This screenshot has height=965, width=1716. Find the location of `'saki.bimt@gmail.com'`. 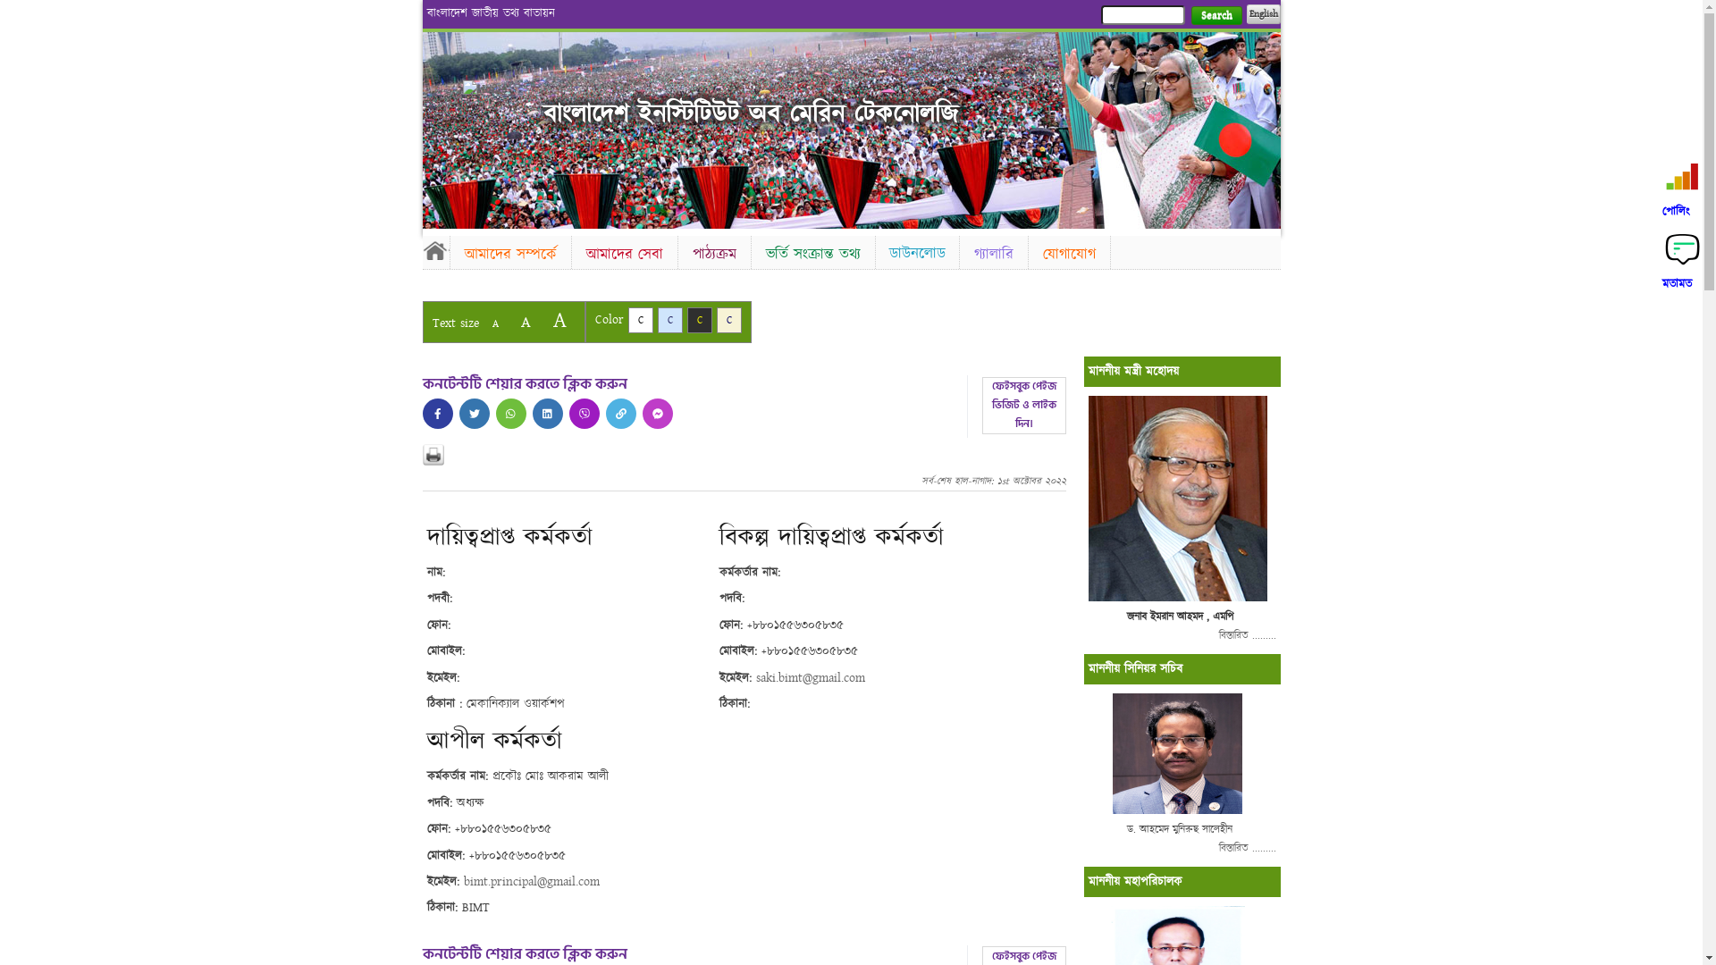

'saki.bimt@gmail.com' is located at coordinates (755, 678).